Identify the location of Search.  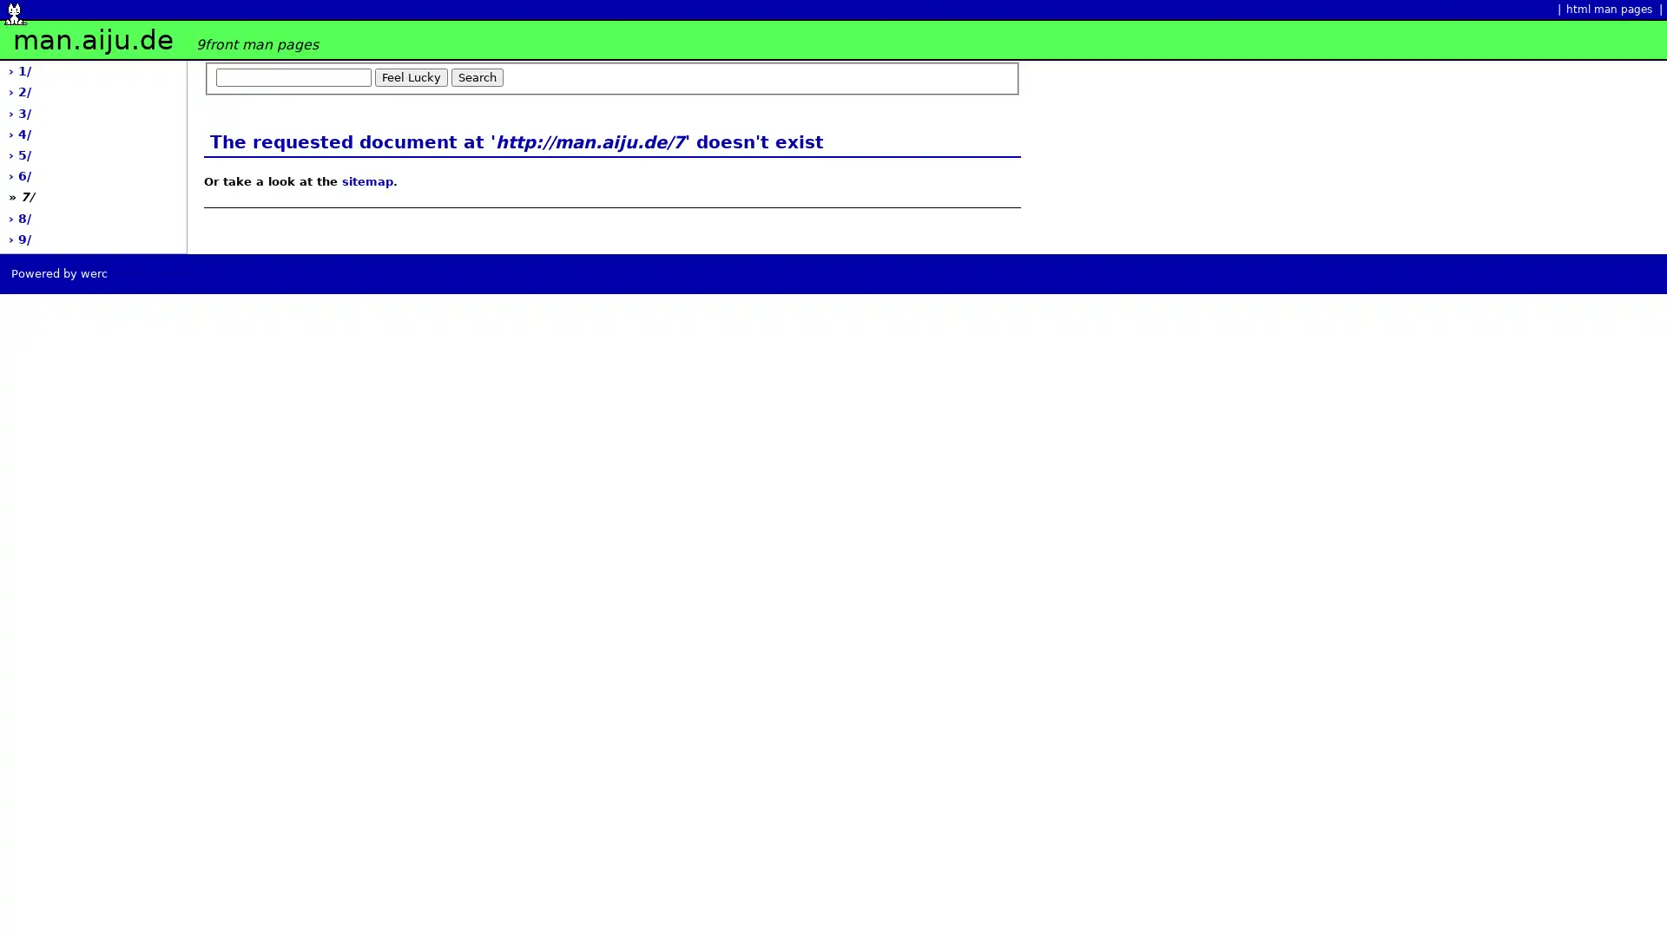
(478, 75).